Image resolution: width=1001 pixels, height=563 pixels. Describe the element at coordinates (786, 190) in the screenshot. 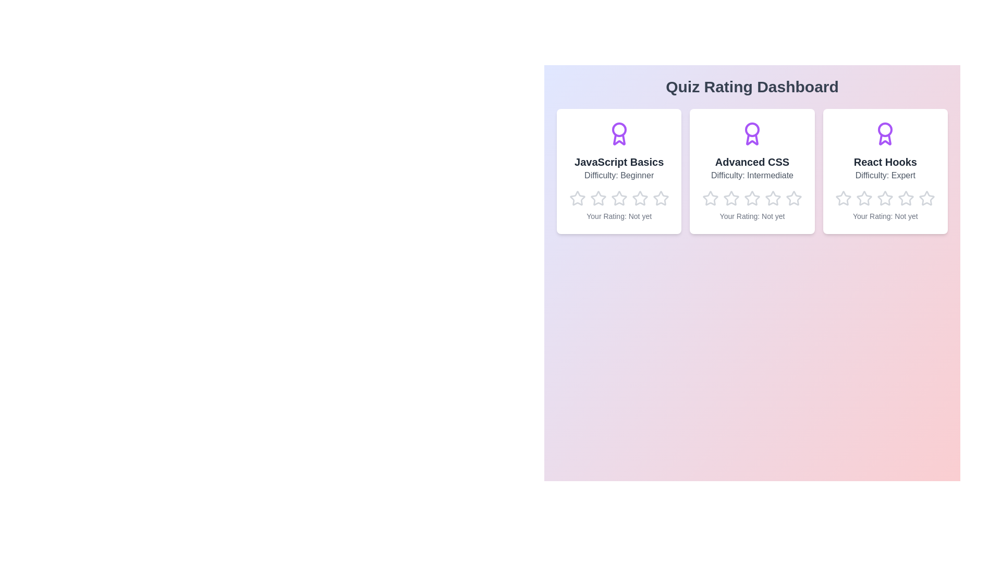

I see `the star corresponding to the rating 5 for the quiz Advanced CSS` at that location.